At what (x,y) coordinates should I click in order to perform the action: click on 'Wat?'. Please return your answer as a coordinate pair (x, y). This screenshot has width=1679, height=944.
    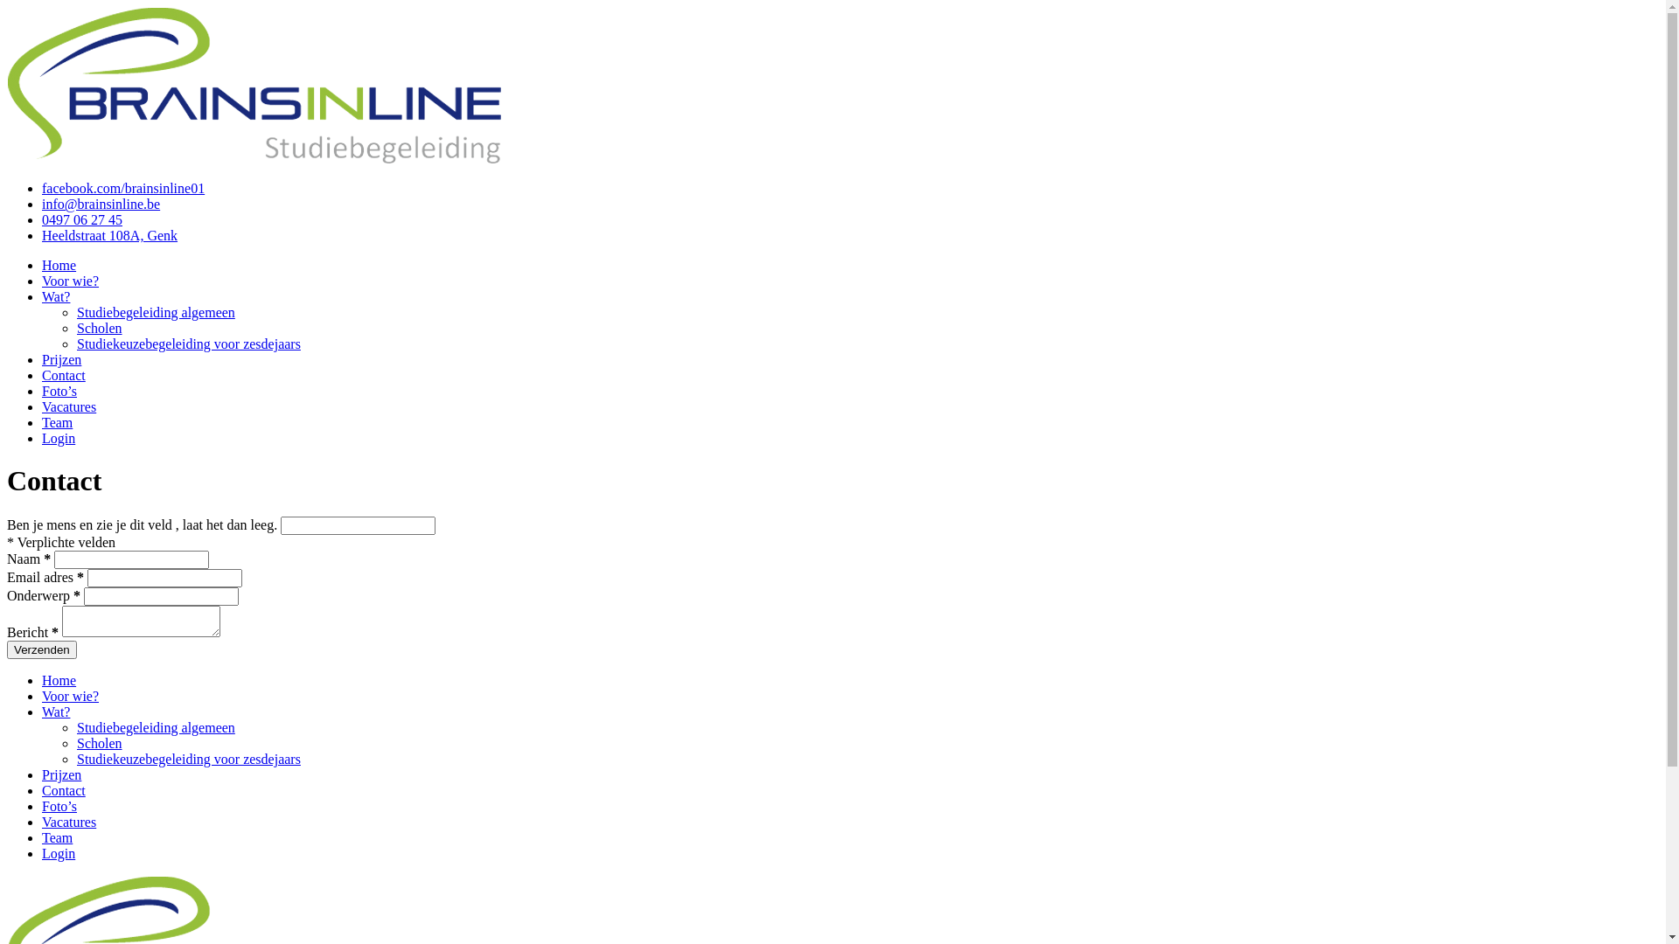
    Looking at the image, I should click on (55, 295).